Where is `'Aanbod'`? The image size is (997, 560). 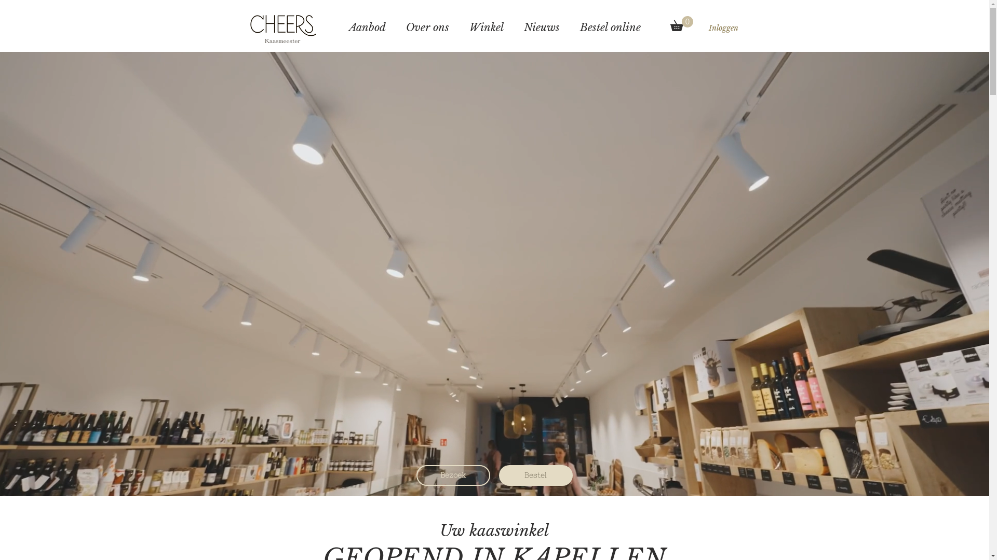 'Aanbod' is located at coordinates (367, 27).